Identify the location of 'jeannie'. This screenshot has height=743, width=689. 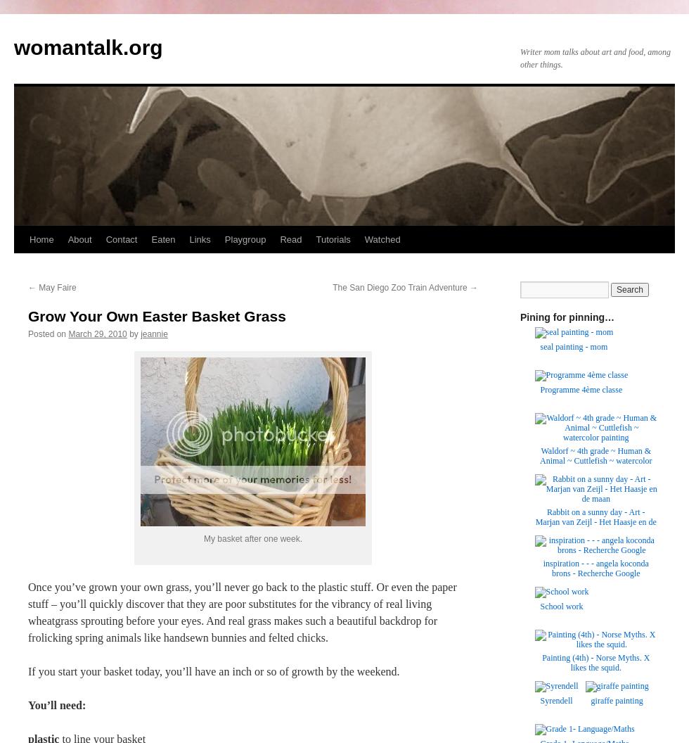
(154, 333).